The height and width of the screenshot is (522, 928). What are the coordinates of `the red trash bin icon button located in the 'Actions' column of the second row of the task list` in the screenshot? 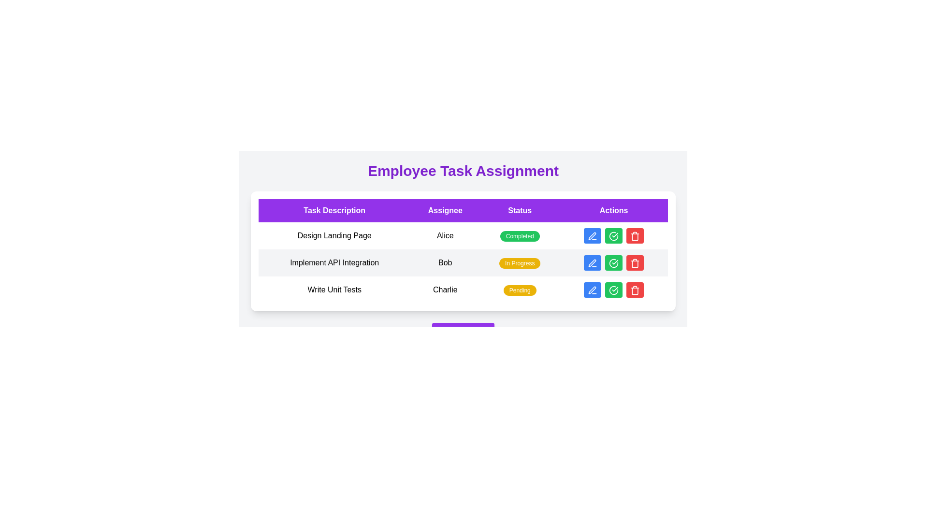 It's located at (635, 263).